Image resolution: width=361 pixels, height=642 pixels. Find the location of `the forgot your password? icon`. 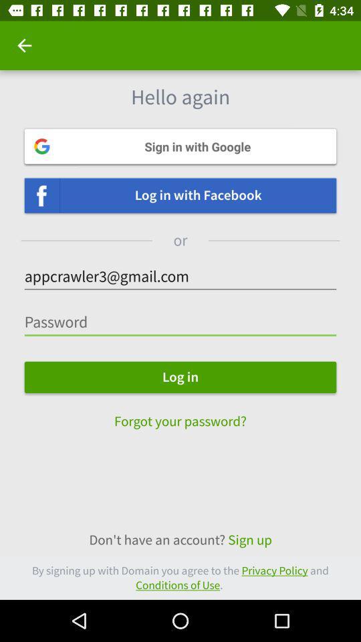

the forgot your password? icon is located at coordinates (180, 414).